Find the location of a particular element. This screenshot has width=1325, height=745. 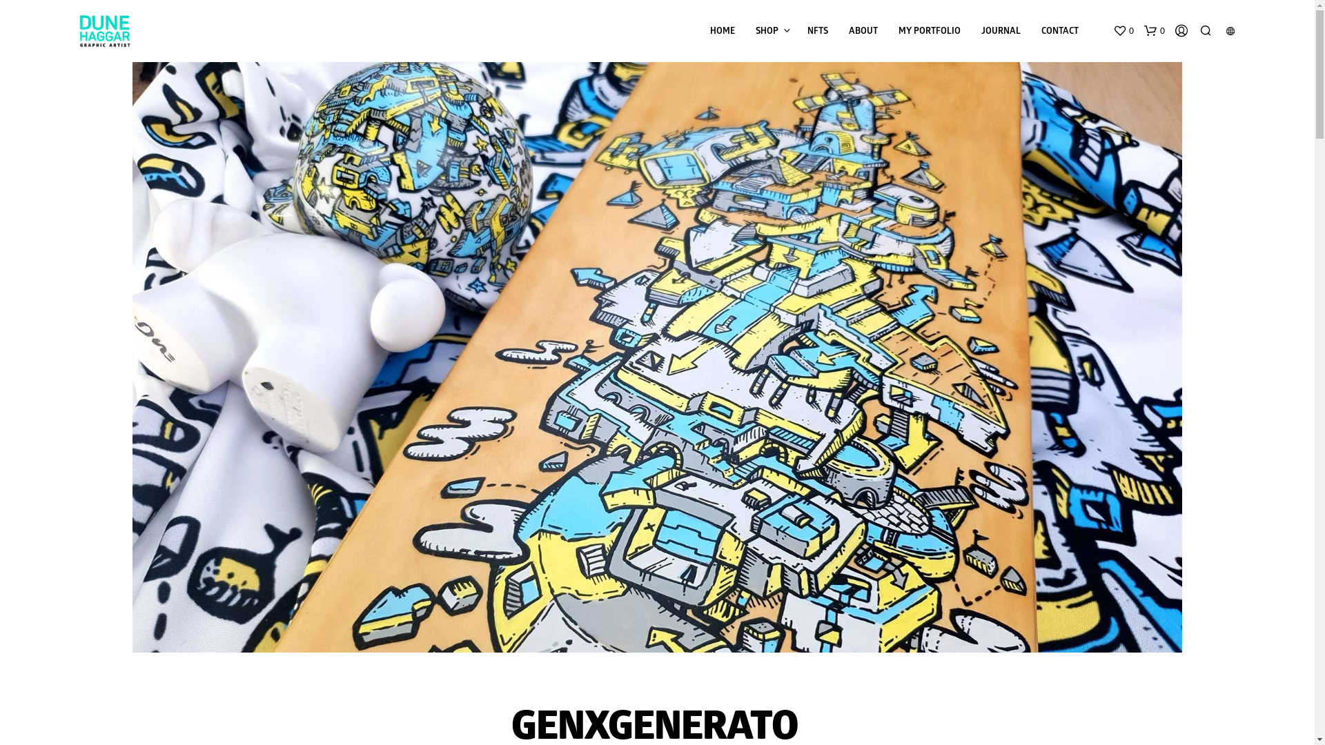

'0' is located at coordinates (1144, 31).